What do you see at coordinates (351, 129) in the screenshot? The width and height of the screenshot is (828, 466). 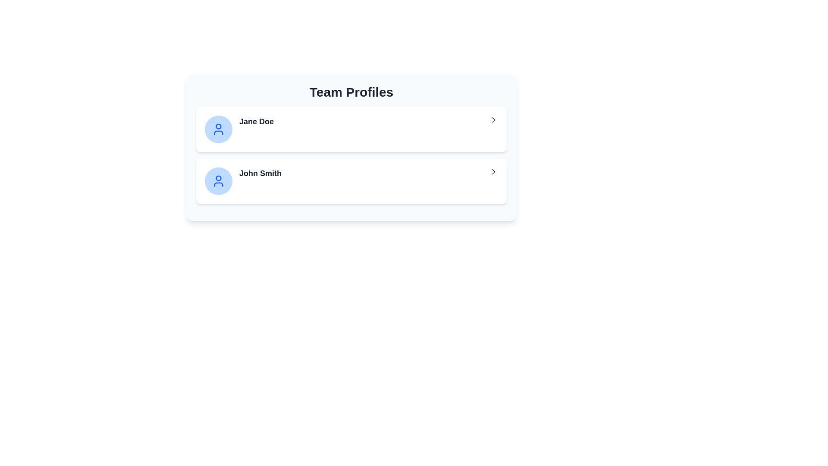 I see `the first profile entry for 'Jane Doe' in the 'Team Profiles' section` at bounding box center [351, 129].